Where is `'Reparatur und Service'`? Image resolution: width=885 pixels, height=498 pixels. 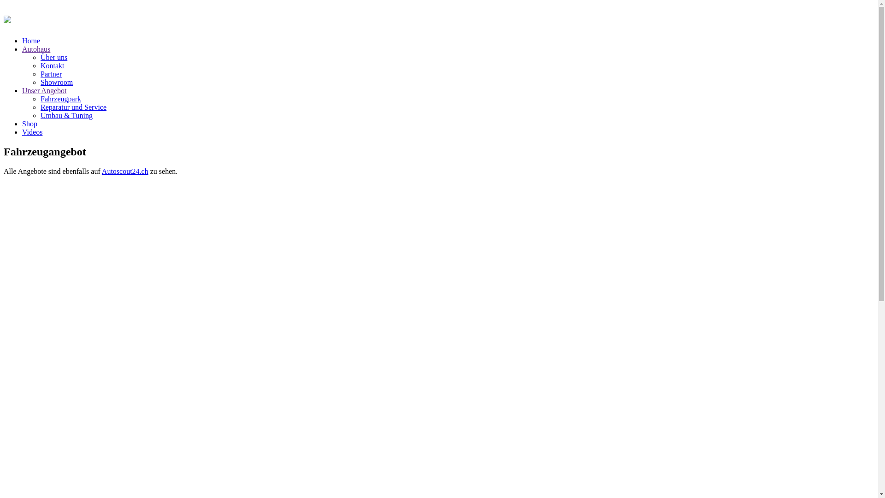 'Reparatur und Service' is located at coordinates (40, 107).